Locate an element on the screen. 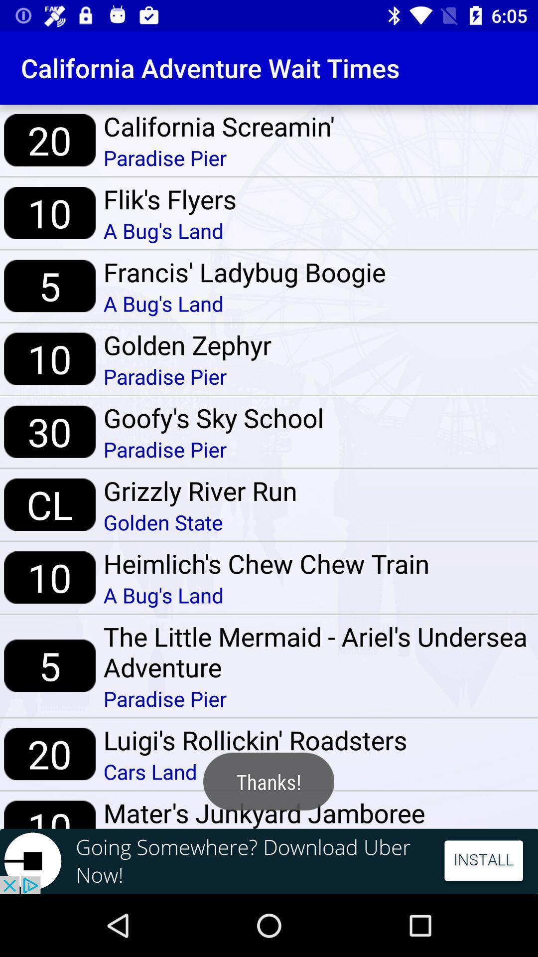  the icon next to 30 icon is located at coordinates (213, 418).